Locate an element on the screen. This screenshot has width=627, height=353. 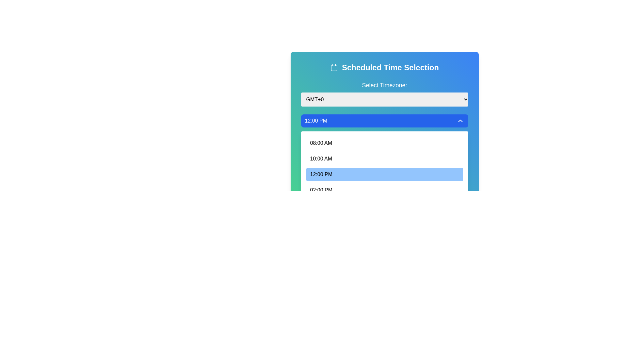
on the dropdown menu labeled 'Select Timezone:' which currently shows 'GMT+0' is located at coordinates (384, 99).